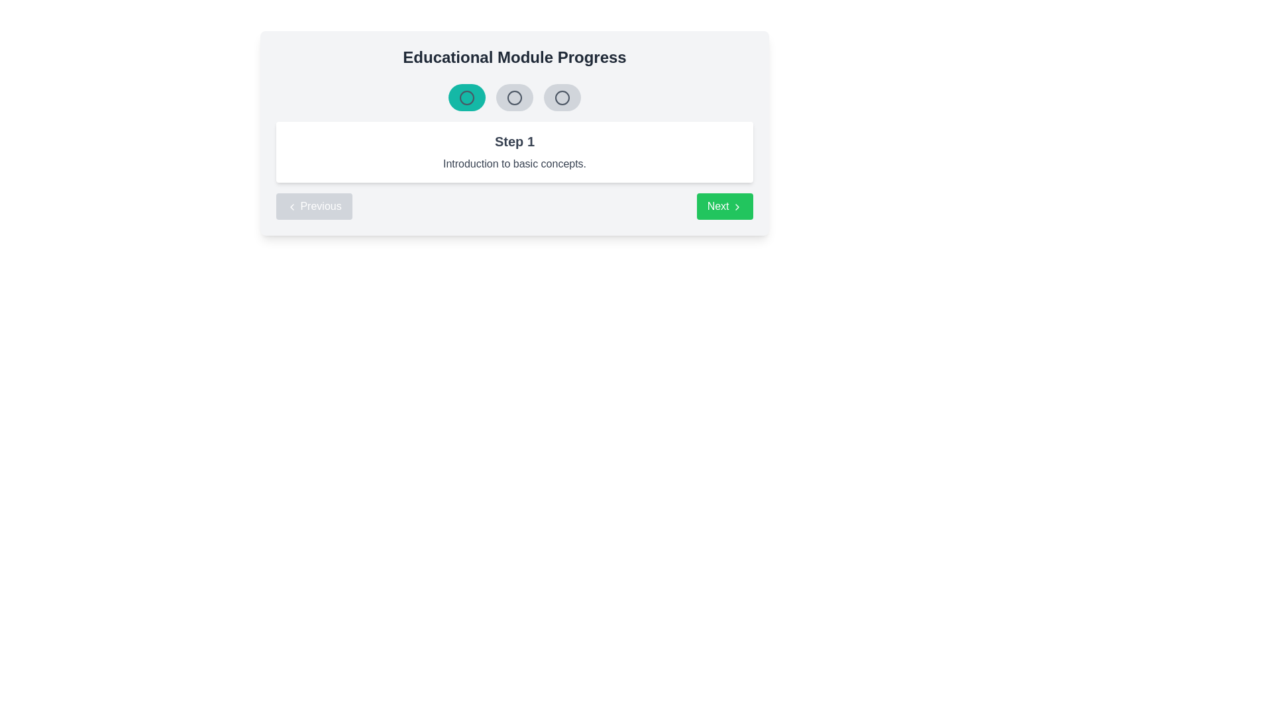  I want to click on the leftmost active circle of the Progress Step Indicator, which has a teal background and is located below the 'Educational Module Progress' title, so click(467, 97).